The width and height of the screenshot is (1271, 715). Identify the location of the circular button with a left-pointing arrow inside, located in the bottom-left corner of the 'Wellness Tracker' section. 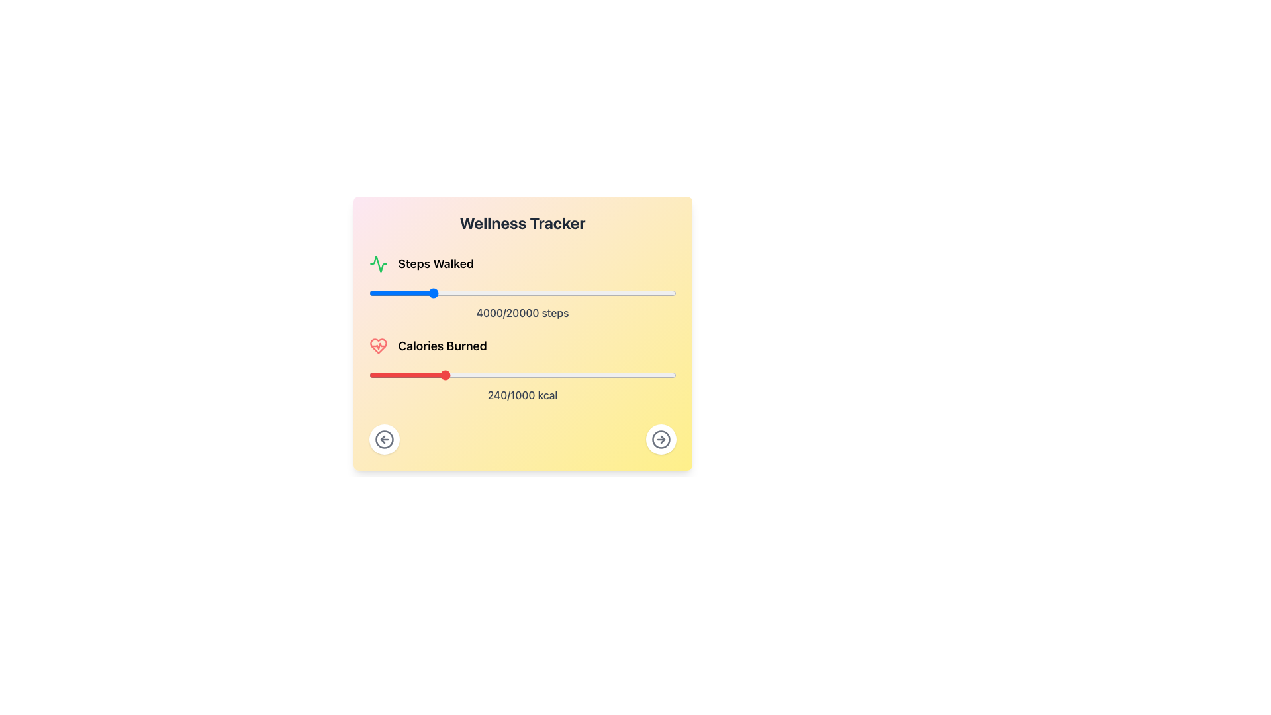
(383, 439).